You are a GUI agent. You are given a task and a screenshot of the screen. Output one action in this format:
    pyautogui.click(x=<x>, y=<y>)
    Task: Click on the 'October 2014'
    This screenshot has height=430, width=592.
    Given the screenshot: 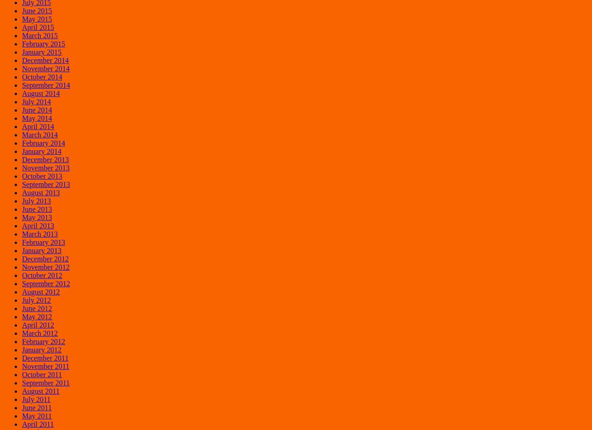 What is the action you would take?
    pyautogui.click(x=42, y=76)
    